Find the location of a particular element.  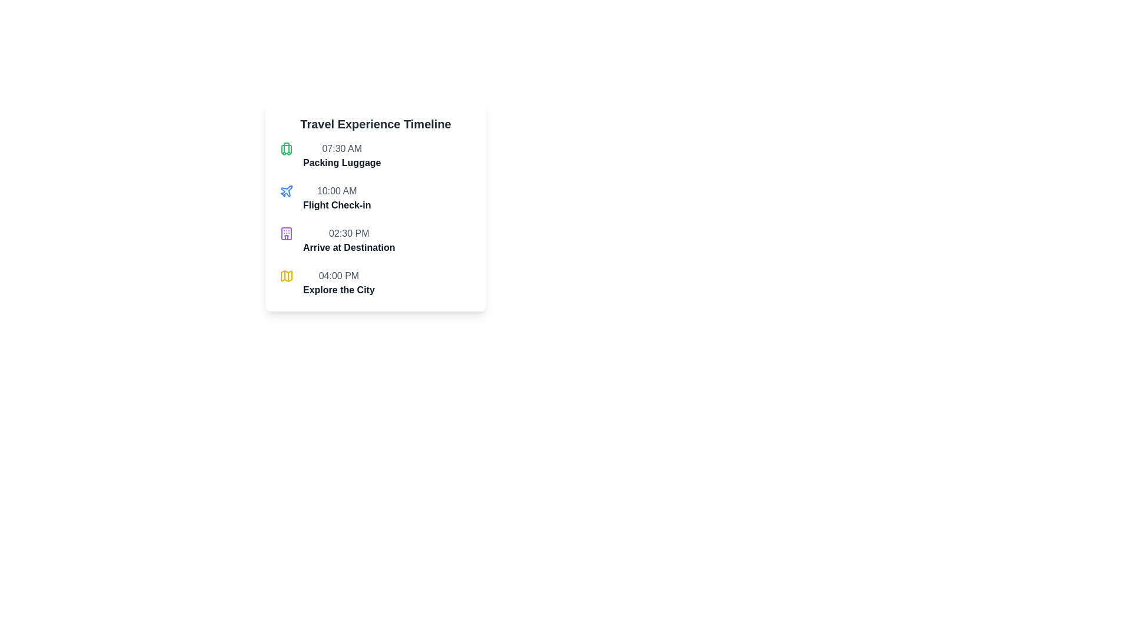

the rectangular geometric shape with rounded edges that has a green outline, which represents the main body of the luggage icon in the first item of the timeline is located at coordinates (286, 149).